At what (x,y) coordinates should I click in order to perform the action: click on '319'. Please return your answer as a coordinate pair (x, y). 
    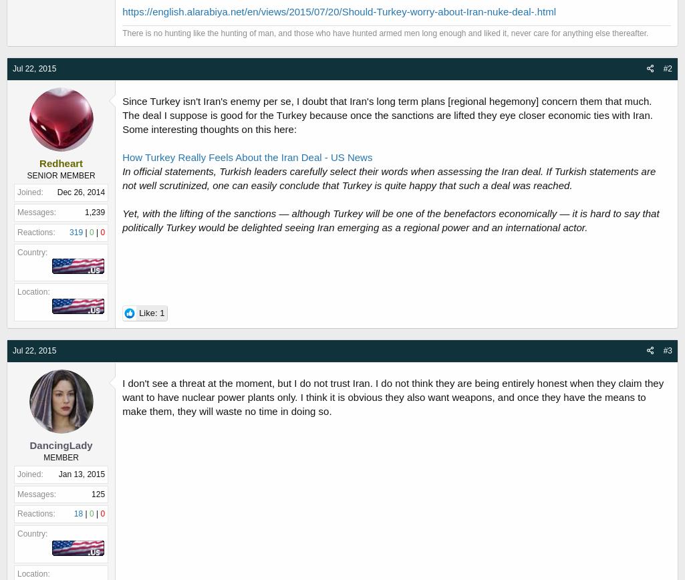
    Looking at the image, I should click on (76, 232).